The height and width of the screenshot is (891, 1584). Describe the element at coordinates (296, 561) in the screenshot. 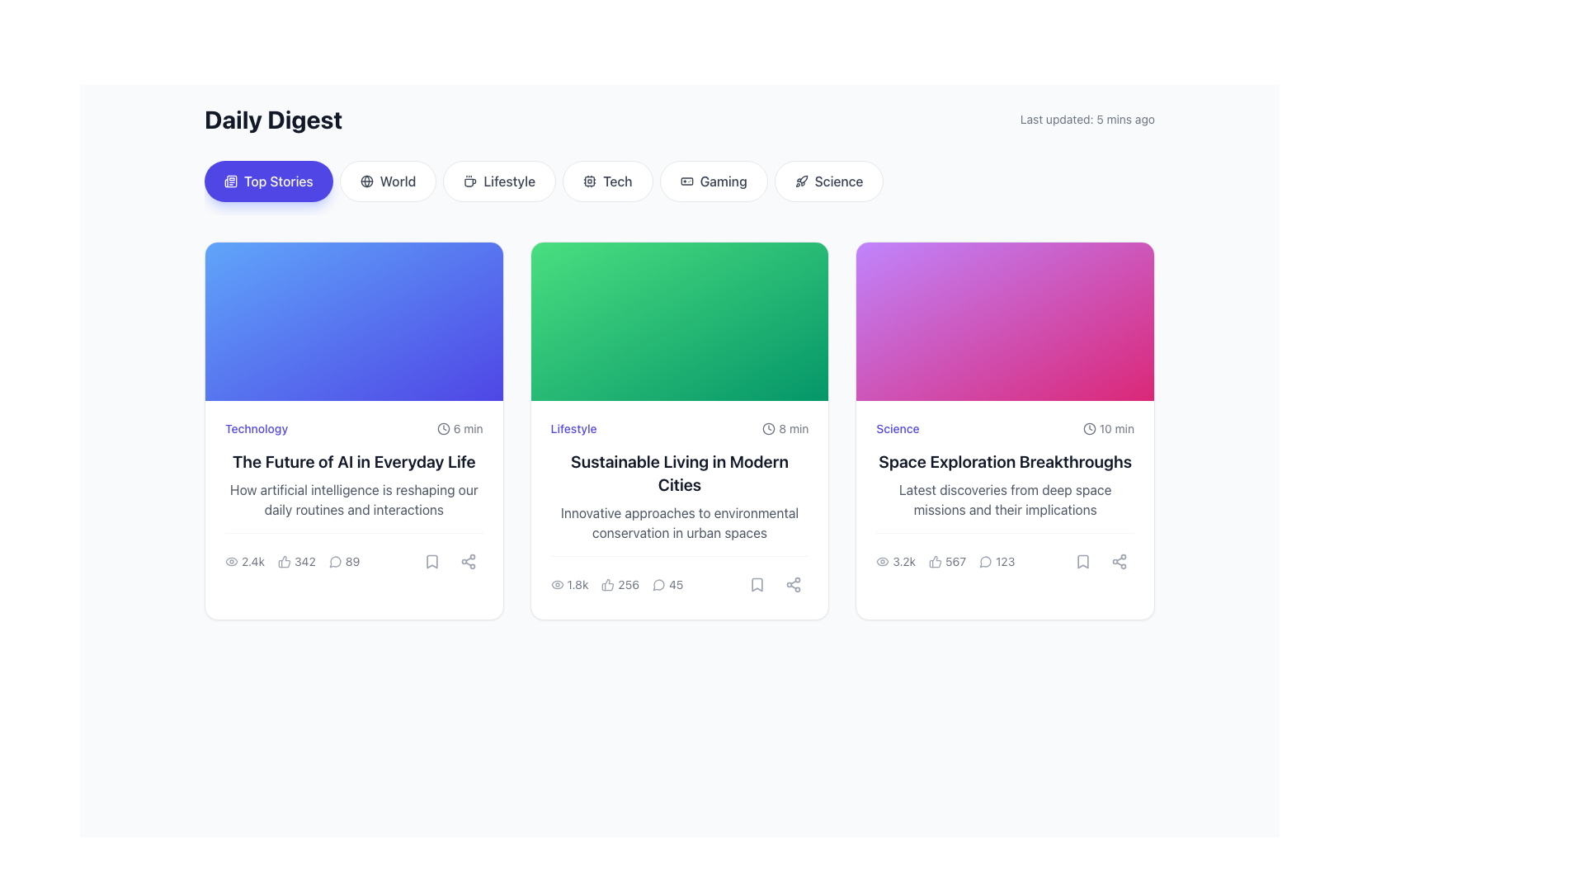

I see `text value '342' displayed in the gray text label adjacent to the thumbs-up icon in the statistics section under the content card` at that location.